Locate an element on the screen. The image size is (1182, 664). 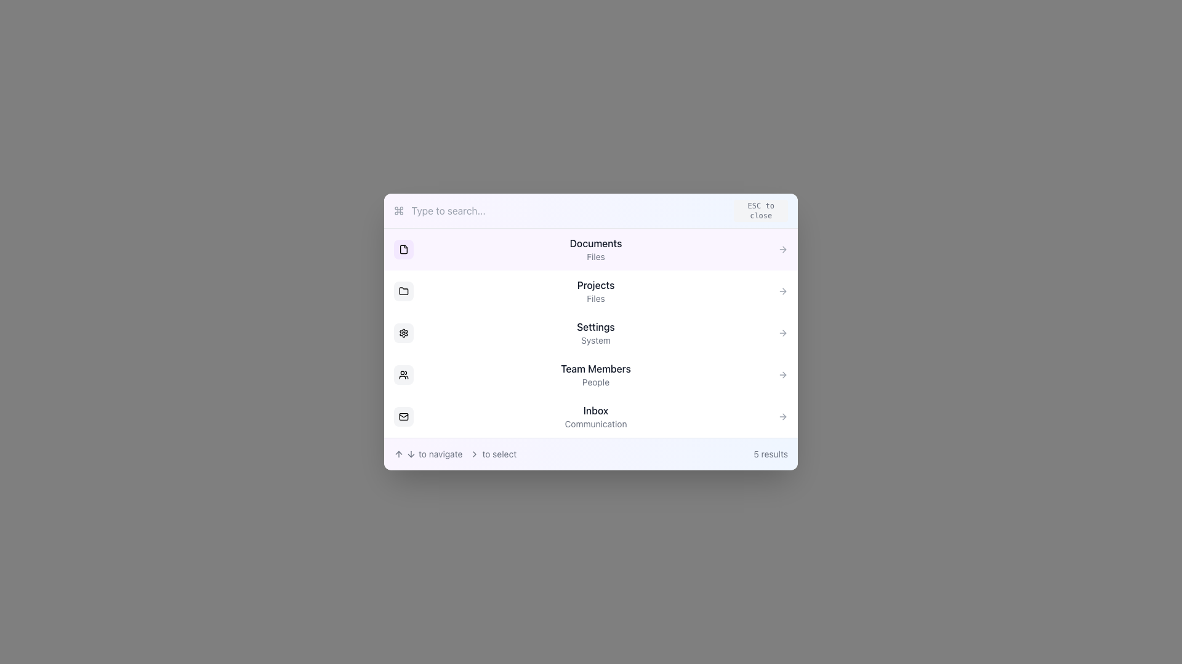
the text label displaying 'People', which is styled in gray and located beneath the title 'Team Members' is located at coordinates (596, 381).